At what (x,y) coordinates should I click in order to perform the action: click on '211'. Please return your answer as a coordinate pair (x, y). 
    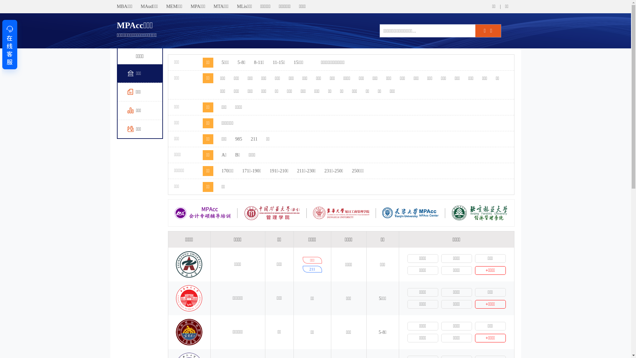
    Looking at the image, I should click on (254, 139).